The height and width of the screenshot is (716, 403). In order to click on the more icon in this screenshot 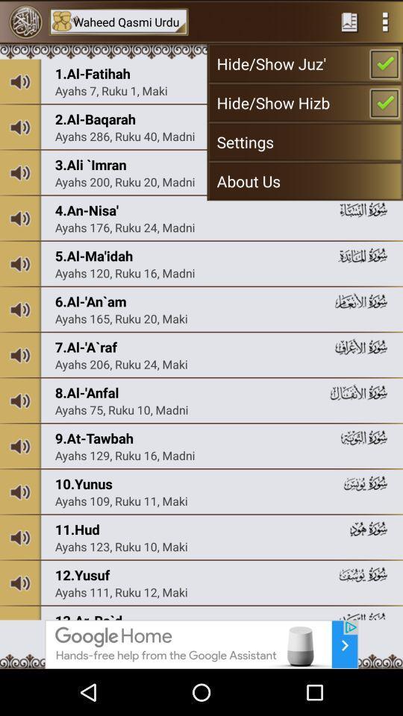, I will do `click(385, 22)`.